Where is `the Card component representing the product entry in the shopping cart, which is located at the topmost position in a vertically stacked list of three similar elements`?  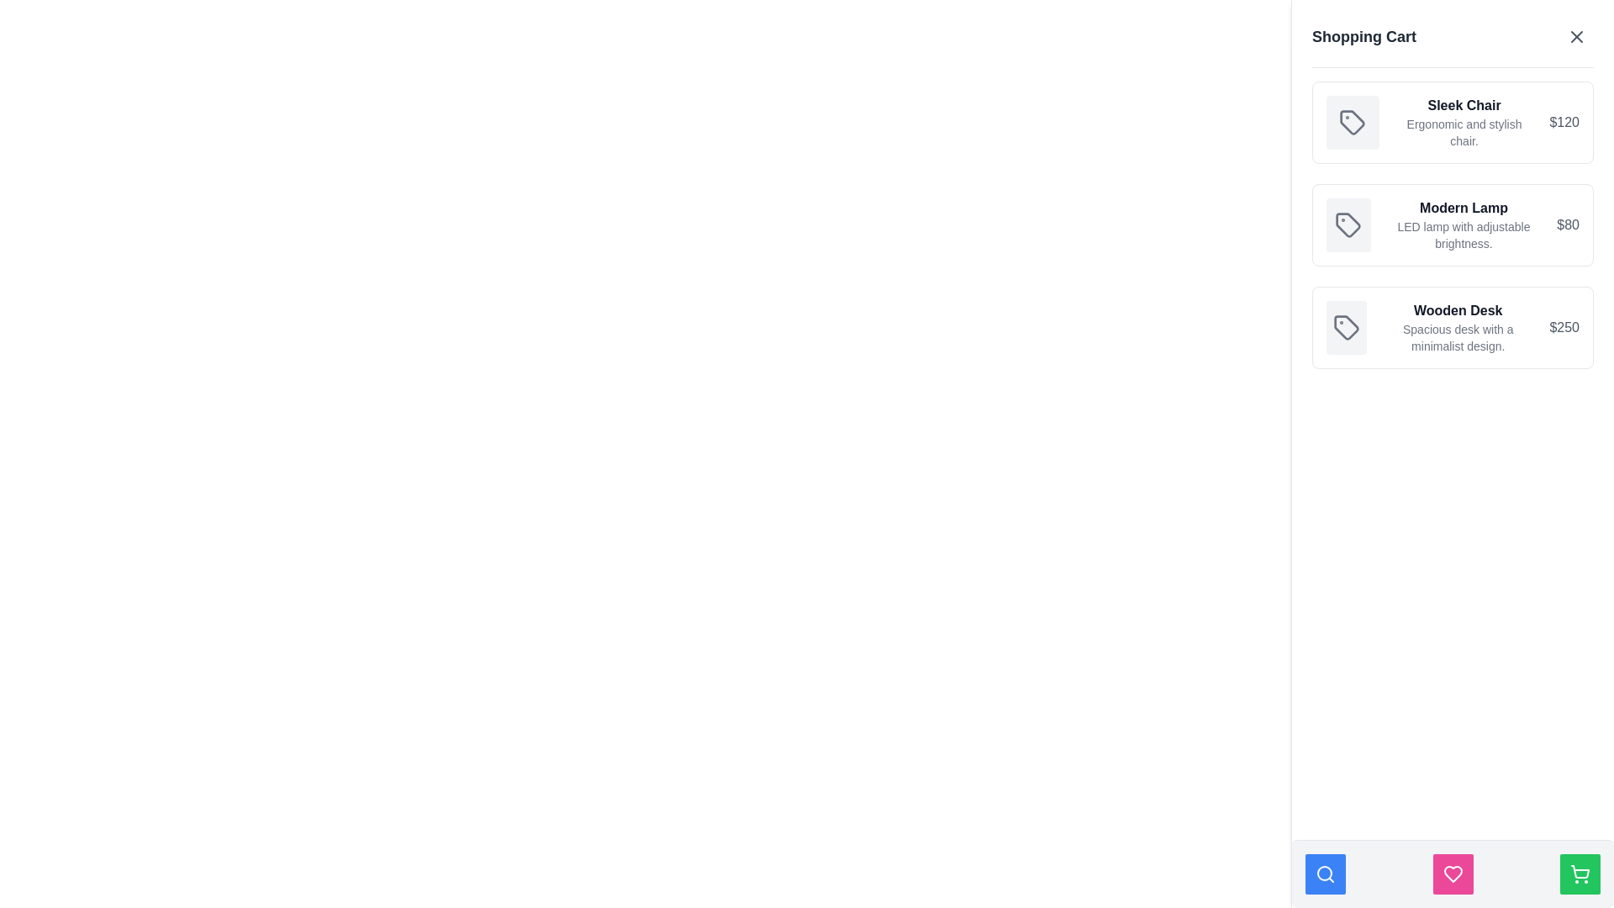
the Card component representing the product entry in the shopping cart, which is located at the topmost position in a vertically stacked list of three similar elements is located at coordinates (1452, 122).